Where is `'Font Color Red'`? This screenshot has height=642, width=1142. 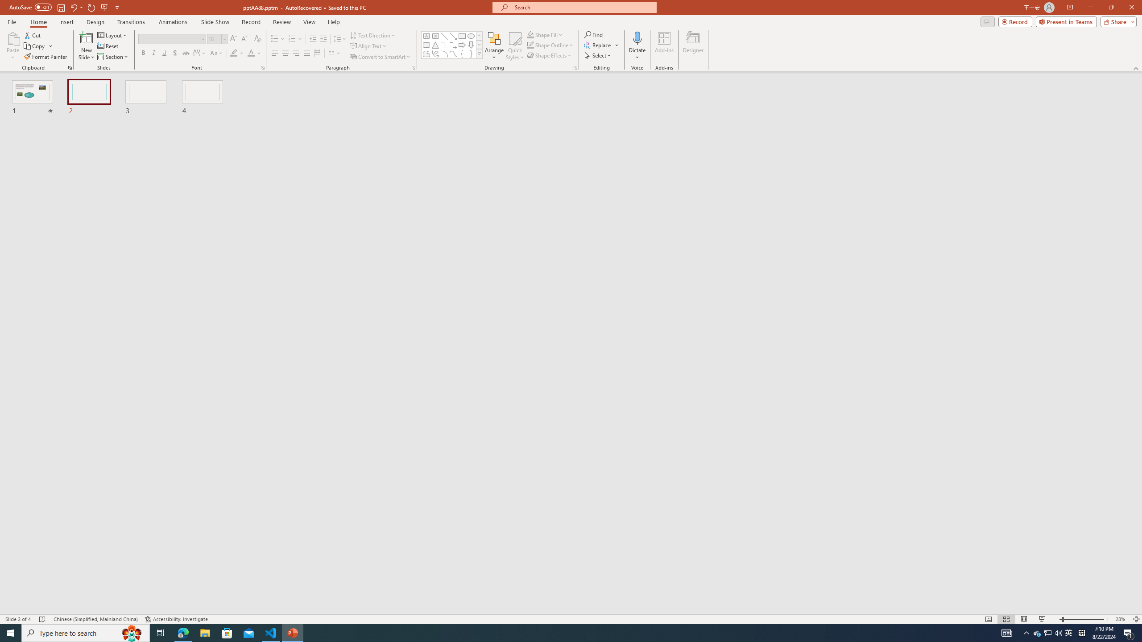 'Font Color Red' is located at coordinates (251, 53).